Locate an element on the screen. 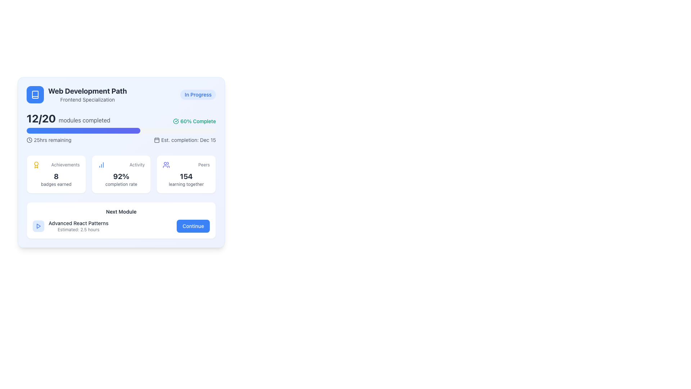  the static text label displaying the progress of modules completed, positioned in the top-left quadrant of the card layout, to the left of the text 'modules completed' is located at coordinates (41, 118).